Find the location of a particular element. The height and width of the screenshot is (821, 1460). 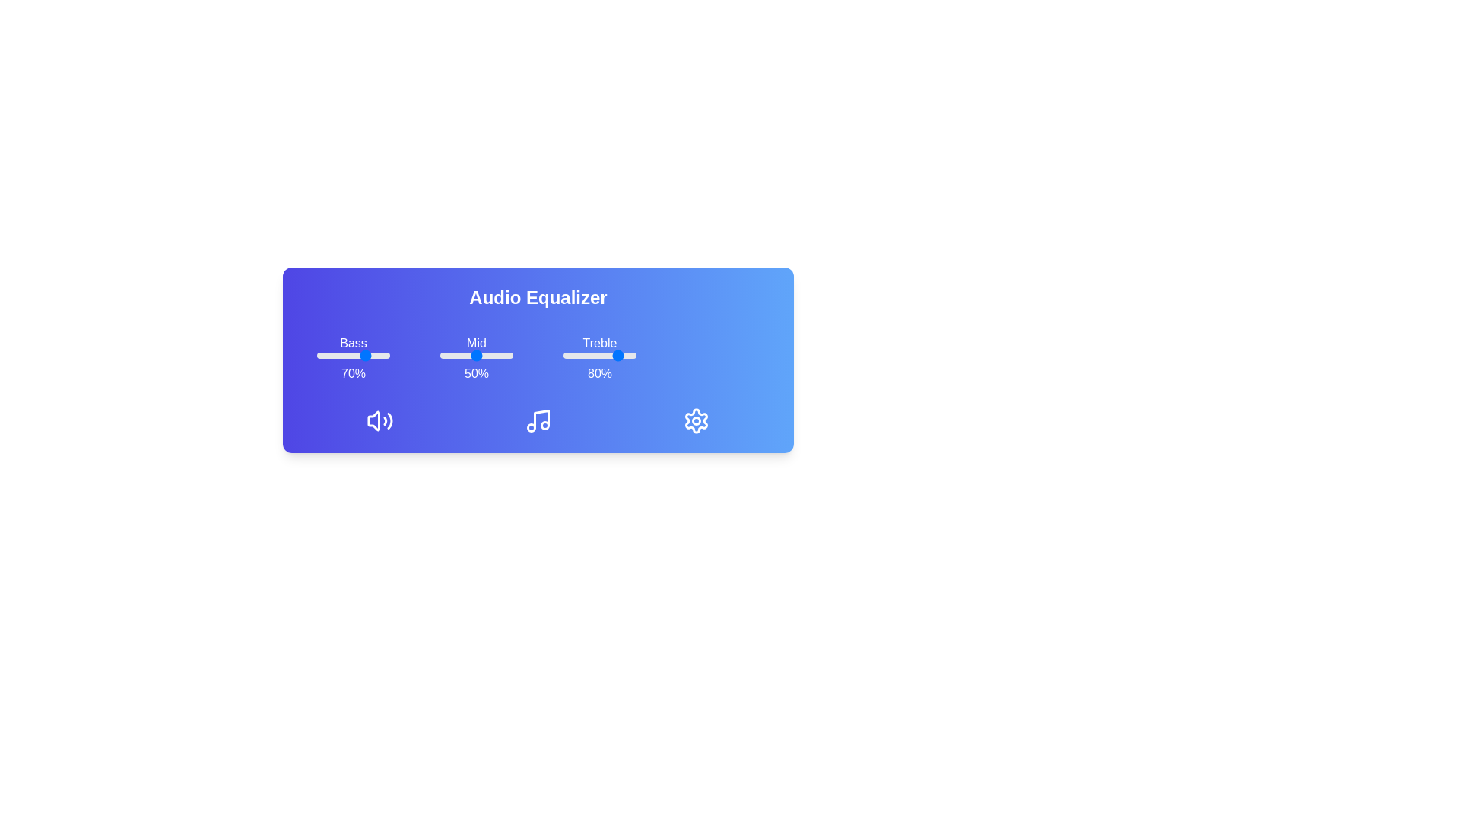

the bass slider to 41%, where 41 is a value between 0 and 100 is located at coordinates (346, 355).